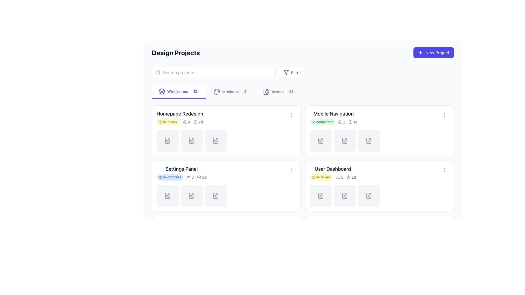  I want to click on the 'New Project' button located at the top-right corner of the interface, which has a blue background and white text, so click(420, 52).